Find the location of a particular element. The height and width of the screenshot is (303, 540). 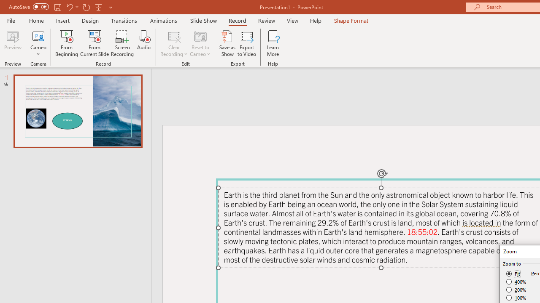

'Fit' is located at coordinates (513, 274).